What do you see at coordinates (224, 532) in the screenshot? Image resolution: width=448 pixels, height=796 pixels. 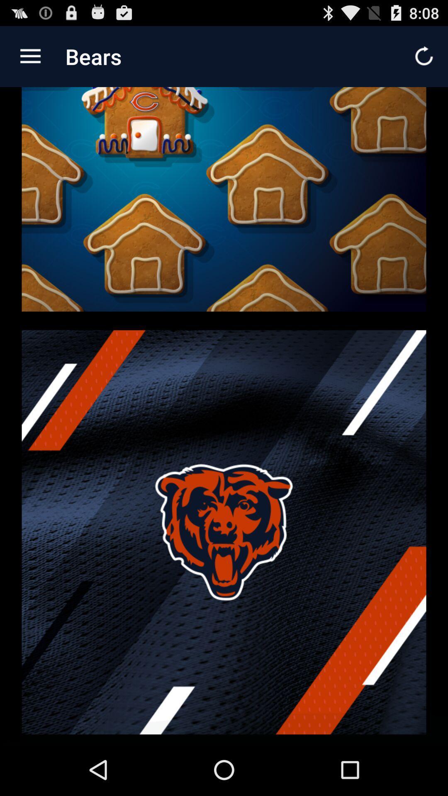 I see `icon at the bottom` at bounding box center [224, 532].